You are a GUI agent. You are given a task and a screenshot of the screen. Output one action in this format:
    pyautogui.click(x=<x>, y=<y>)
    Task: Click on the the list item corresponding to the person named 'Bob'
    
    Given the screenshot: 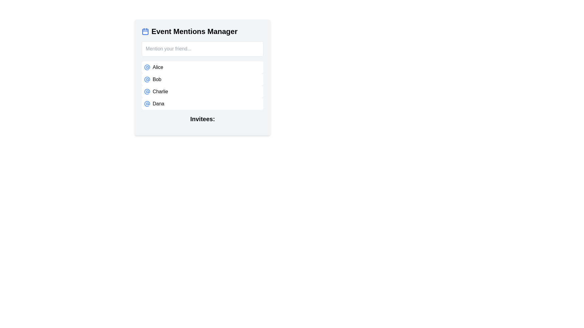 What is the action you would take?
    pyautogui.click(x=203, y=79)
    